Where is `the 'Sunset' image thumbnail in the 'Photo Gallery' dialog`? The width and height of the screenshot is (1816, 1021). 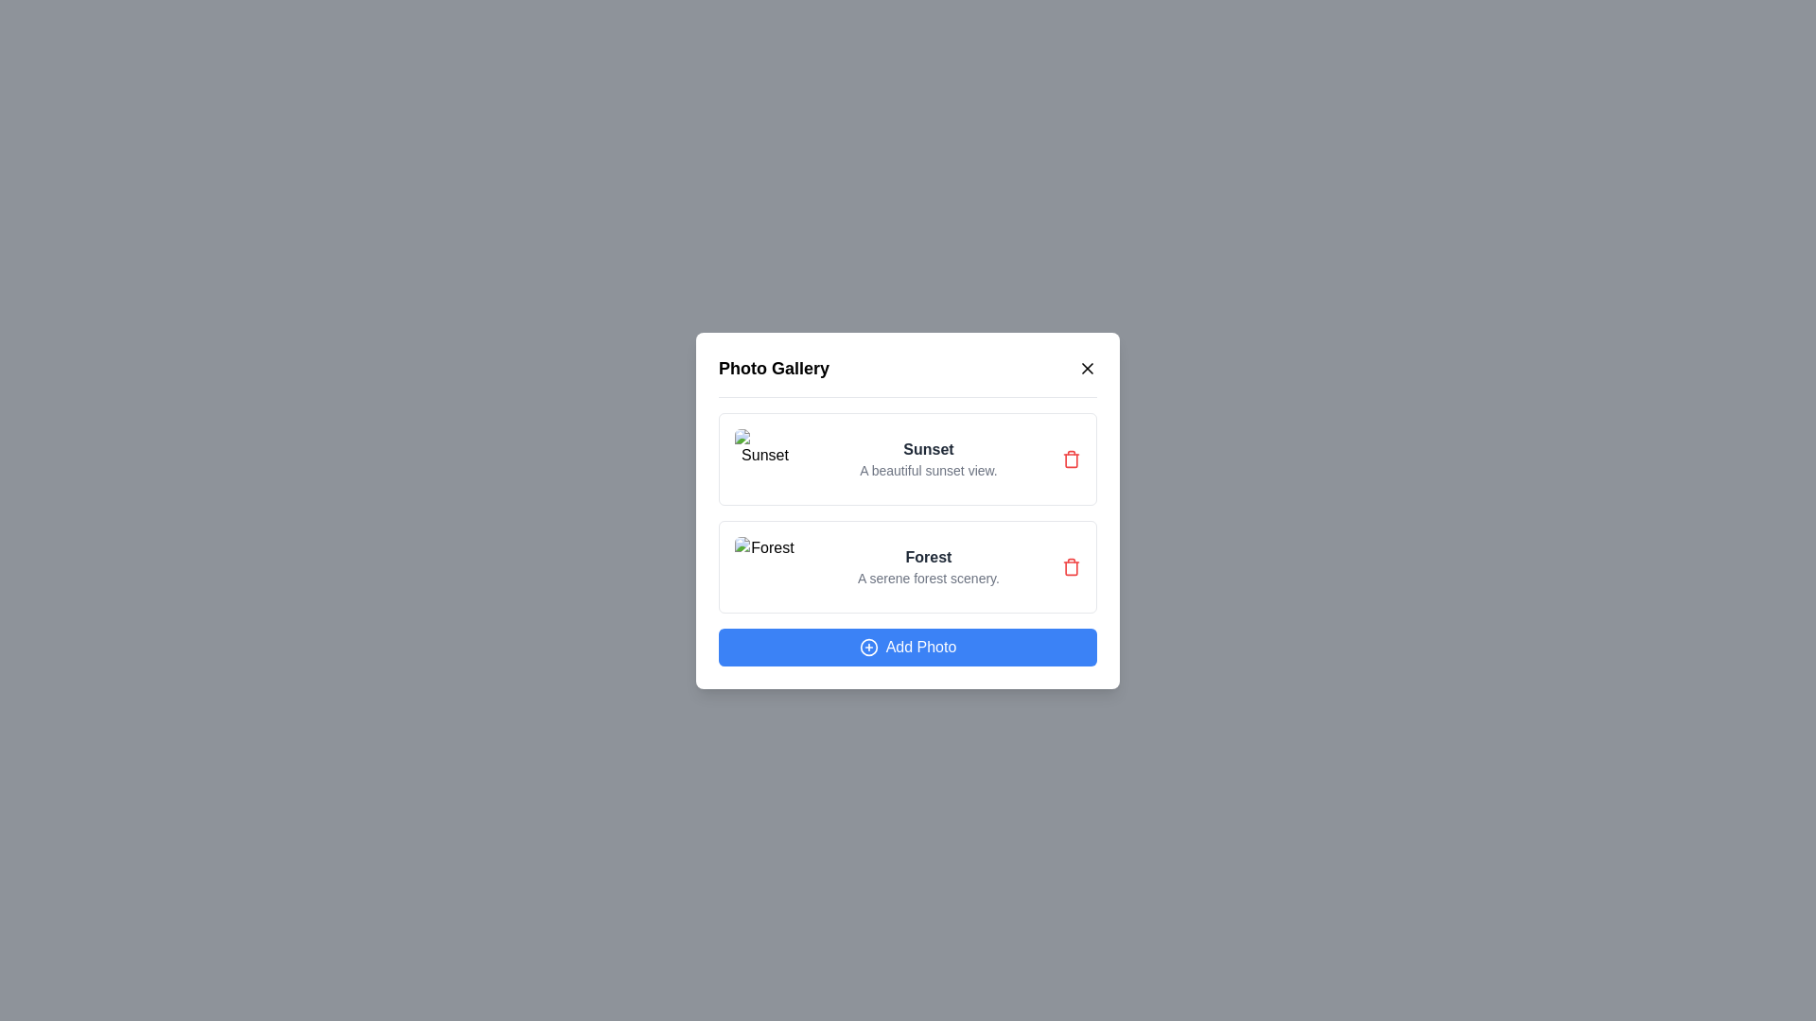 the 'Sunset' image thumbnail in the 'Photo Gallery' dialog is located at coordinates (765, 459).